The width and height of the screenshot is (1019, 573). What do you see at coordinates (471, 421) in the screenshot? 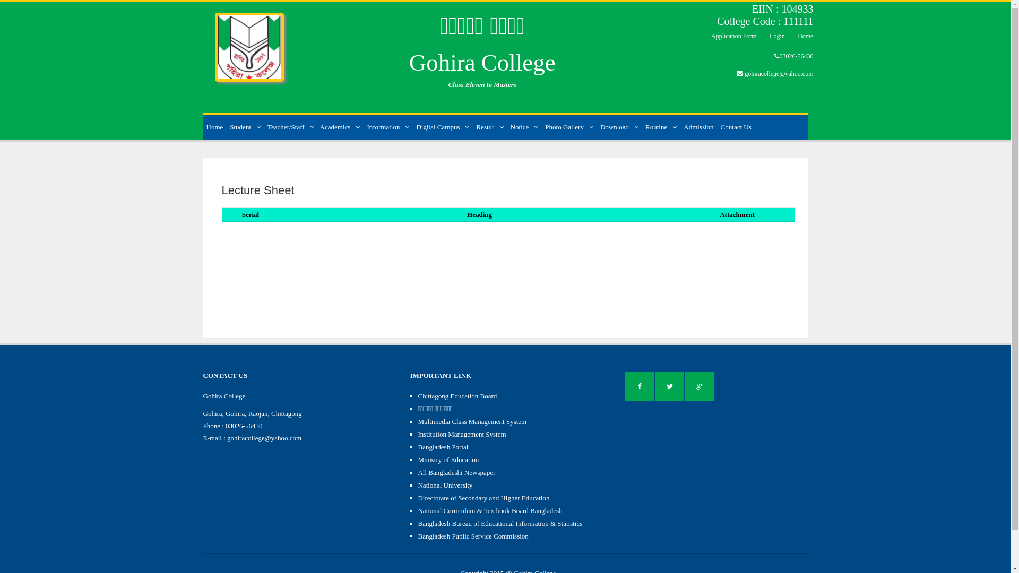
I see `'Multimedia Class Management System'` at bounding box center [471, 421].